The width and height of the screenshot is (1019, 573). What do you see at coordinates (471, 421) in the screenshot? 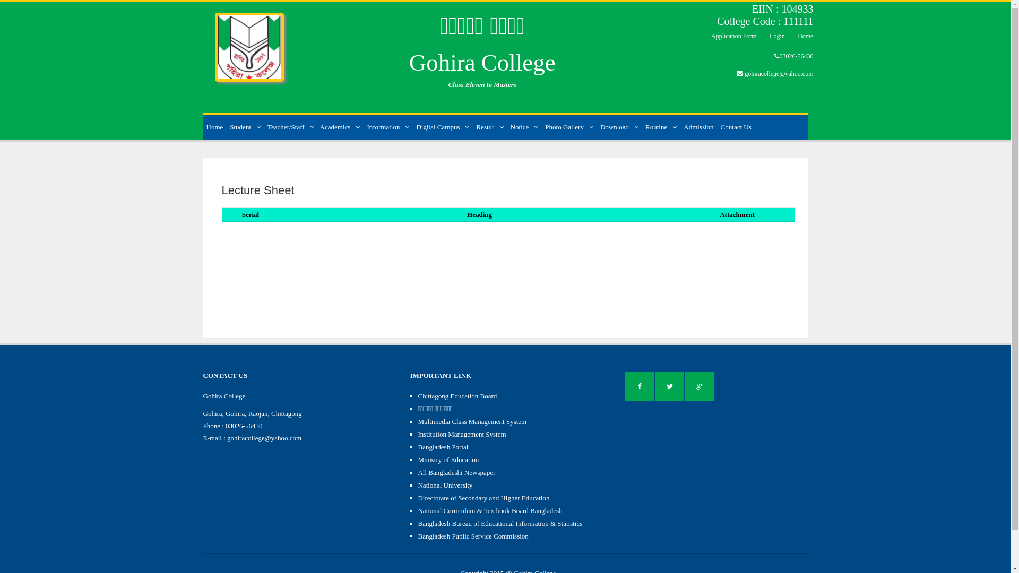
I see `'Multimedia Class Management System'` at bounding box center [471, 421].